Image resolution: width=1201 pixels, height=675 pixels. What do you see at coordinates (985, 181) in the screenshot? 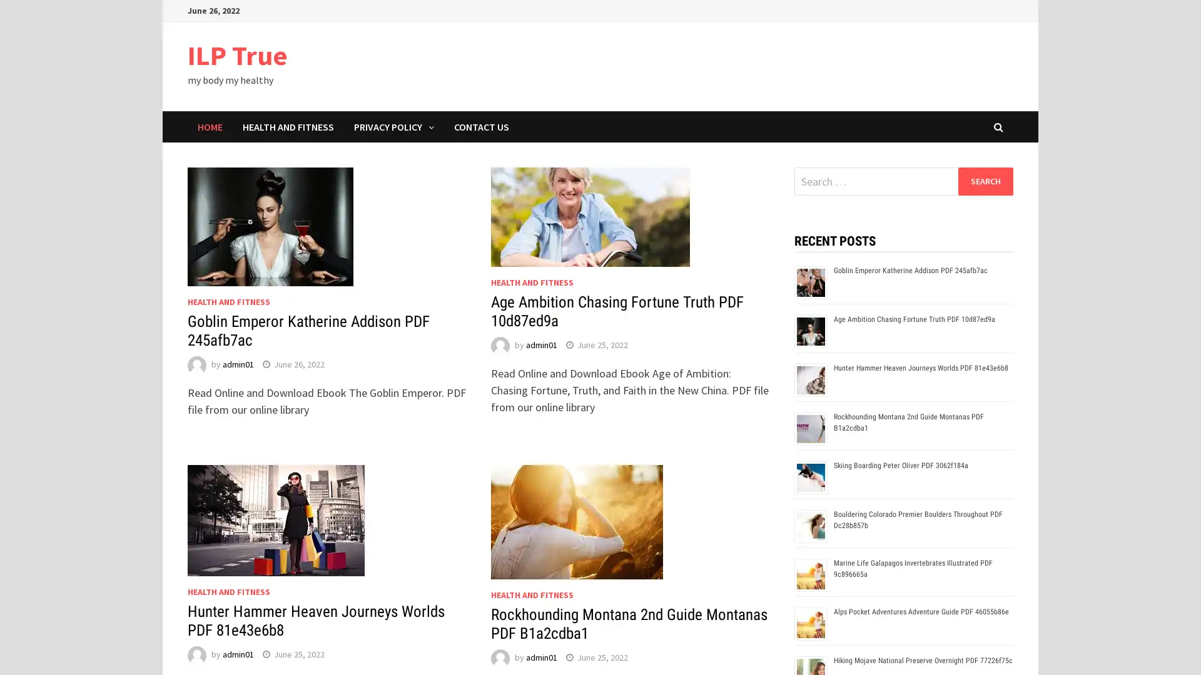
I see `Search` at bounding box center [985, 181].